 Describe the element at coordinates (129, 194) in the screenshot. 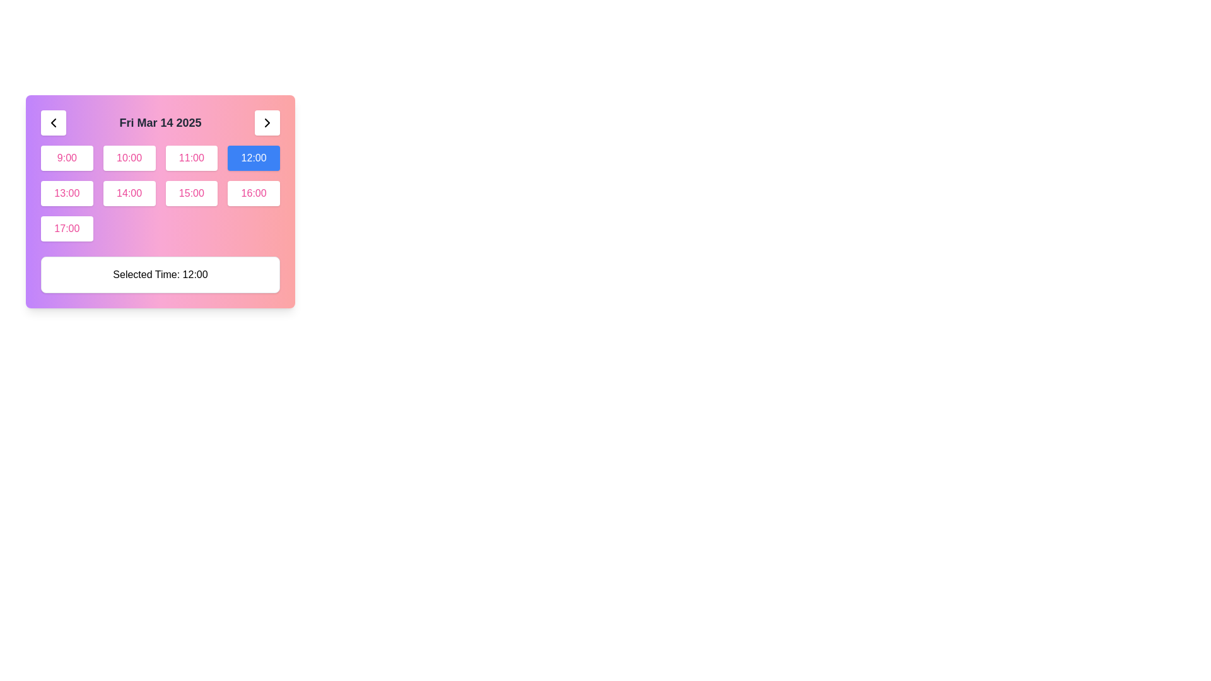

I see `the rectangular button labeled '14:00' with a white background and pink text` at that location.